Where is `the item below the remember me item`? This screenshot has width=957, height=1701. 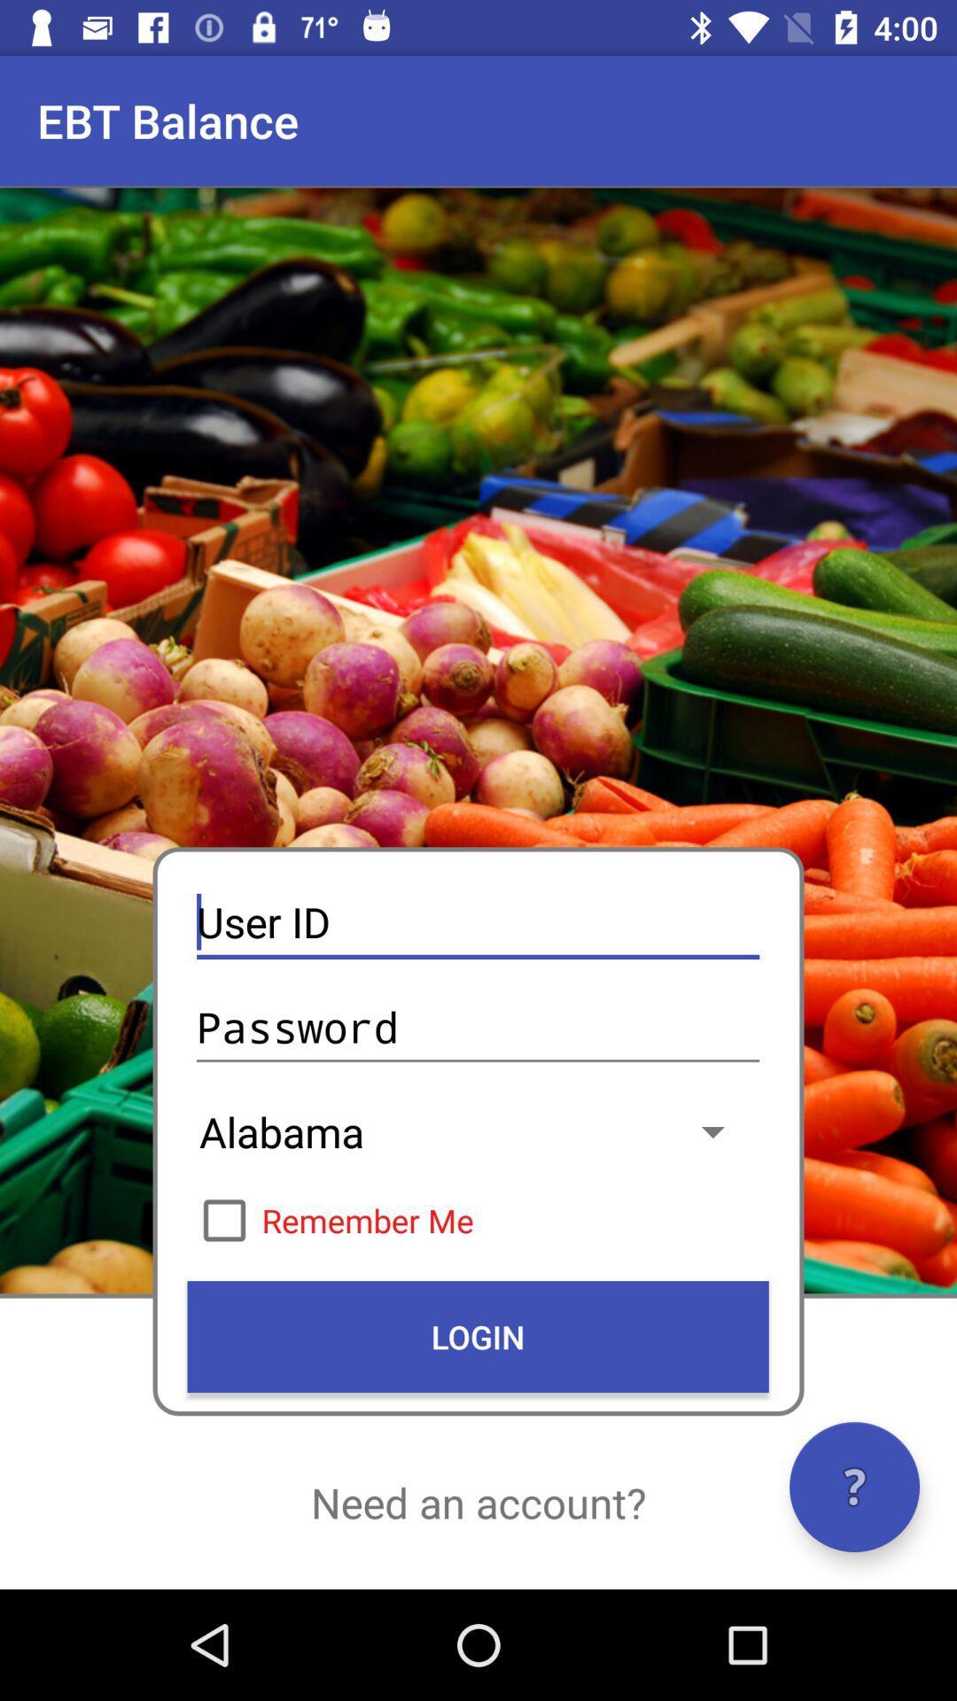
the item below the remember me item is located at coordinates (477, 1336).